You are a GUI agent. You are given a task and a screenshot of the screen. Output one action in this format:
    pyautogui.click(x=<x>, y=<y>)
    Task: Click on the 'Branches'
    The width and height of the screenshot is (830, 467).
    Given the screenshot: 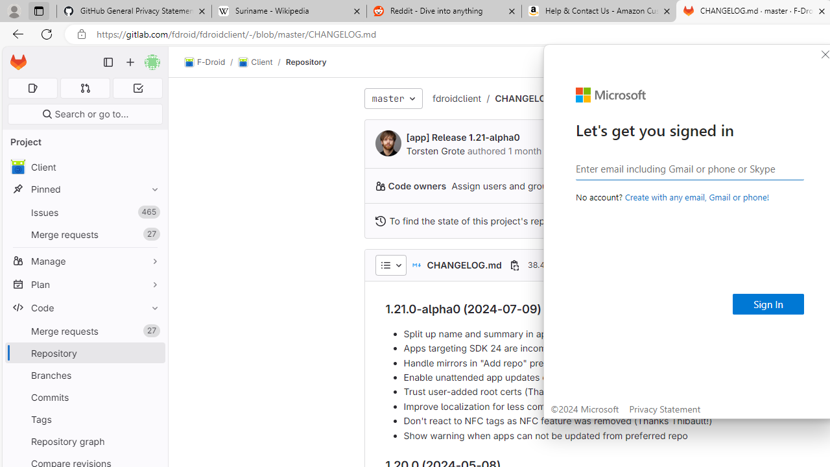 What is the action you would take?
    pyautogui.click(x=84, y=375)
    